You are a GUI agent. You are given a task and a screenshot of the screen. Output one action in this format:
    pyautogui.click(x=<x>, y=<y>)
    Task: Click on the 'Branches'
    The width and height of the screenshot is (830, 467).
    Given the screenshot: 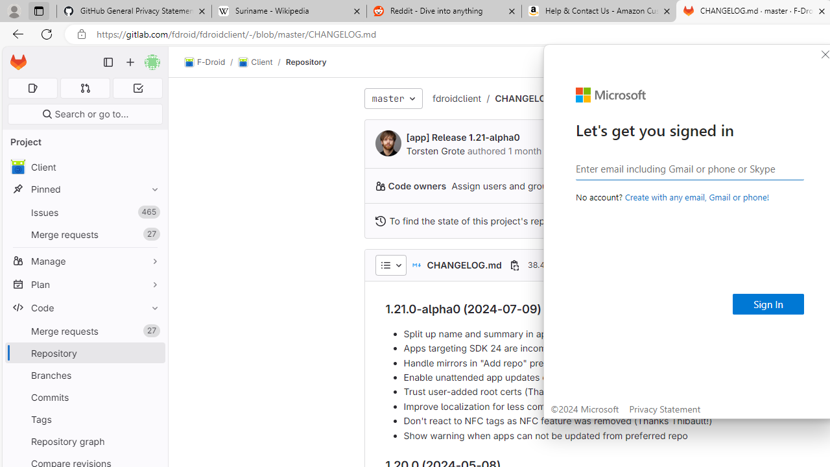 What is the action you would take?
    pyautogui.click(x=84, y=375)
    